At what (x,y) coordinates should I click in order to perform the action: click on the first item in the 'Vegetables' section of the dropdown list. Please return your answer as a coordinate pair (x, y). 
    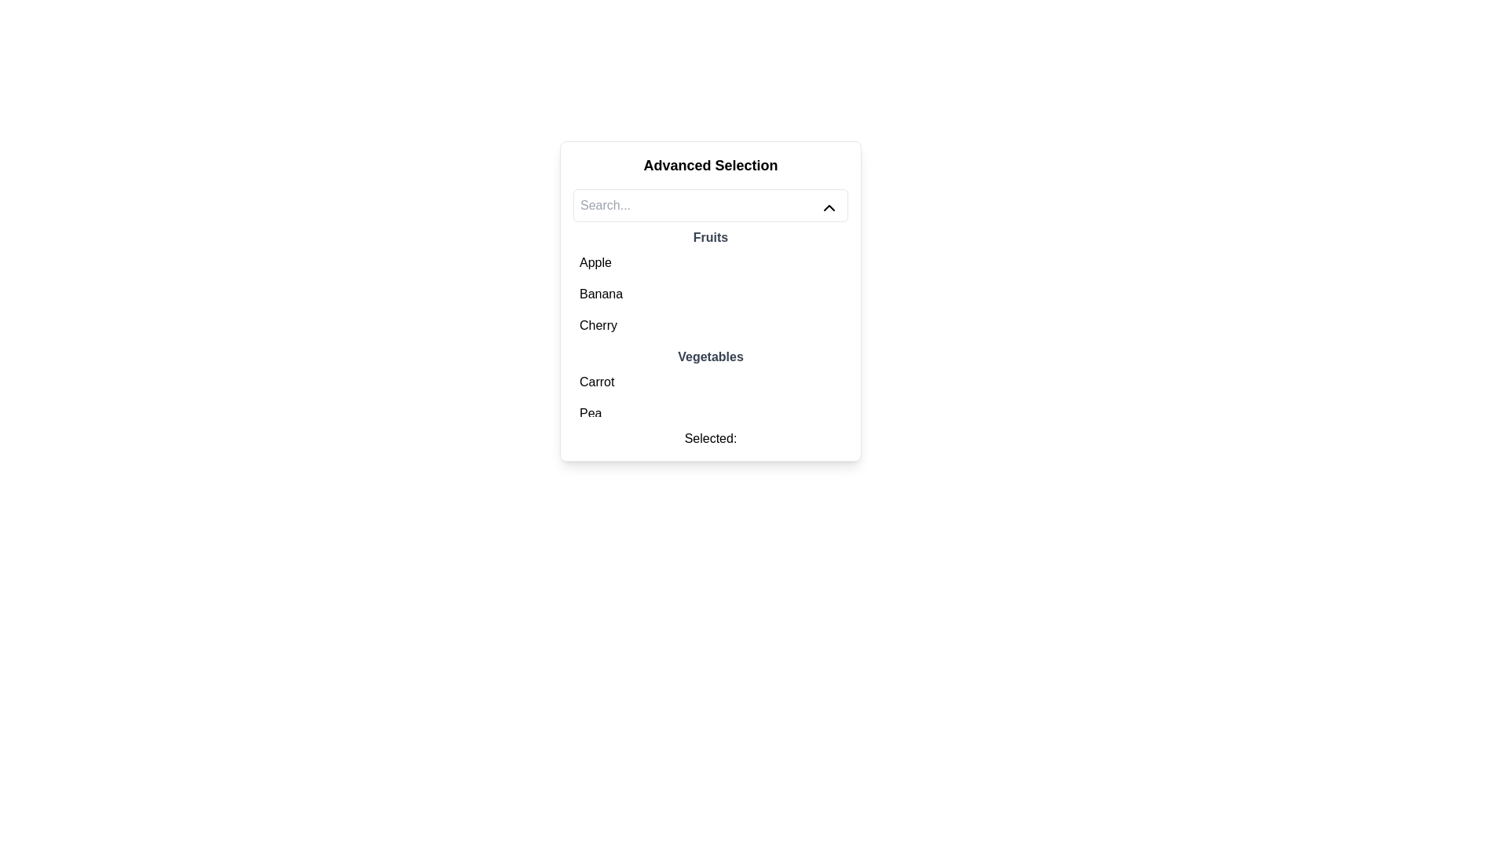
    Looking at the image, I should click on (710, 382).